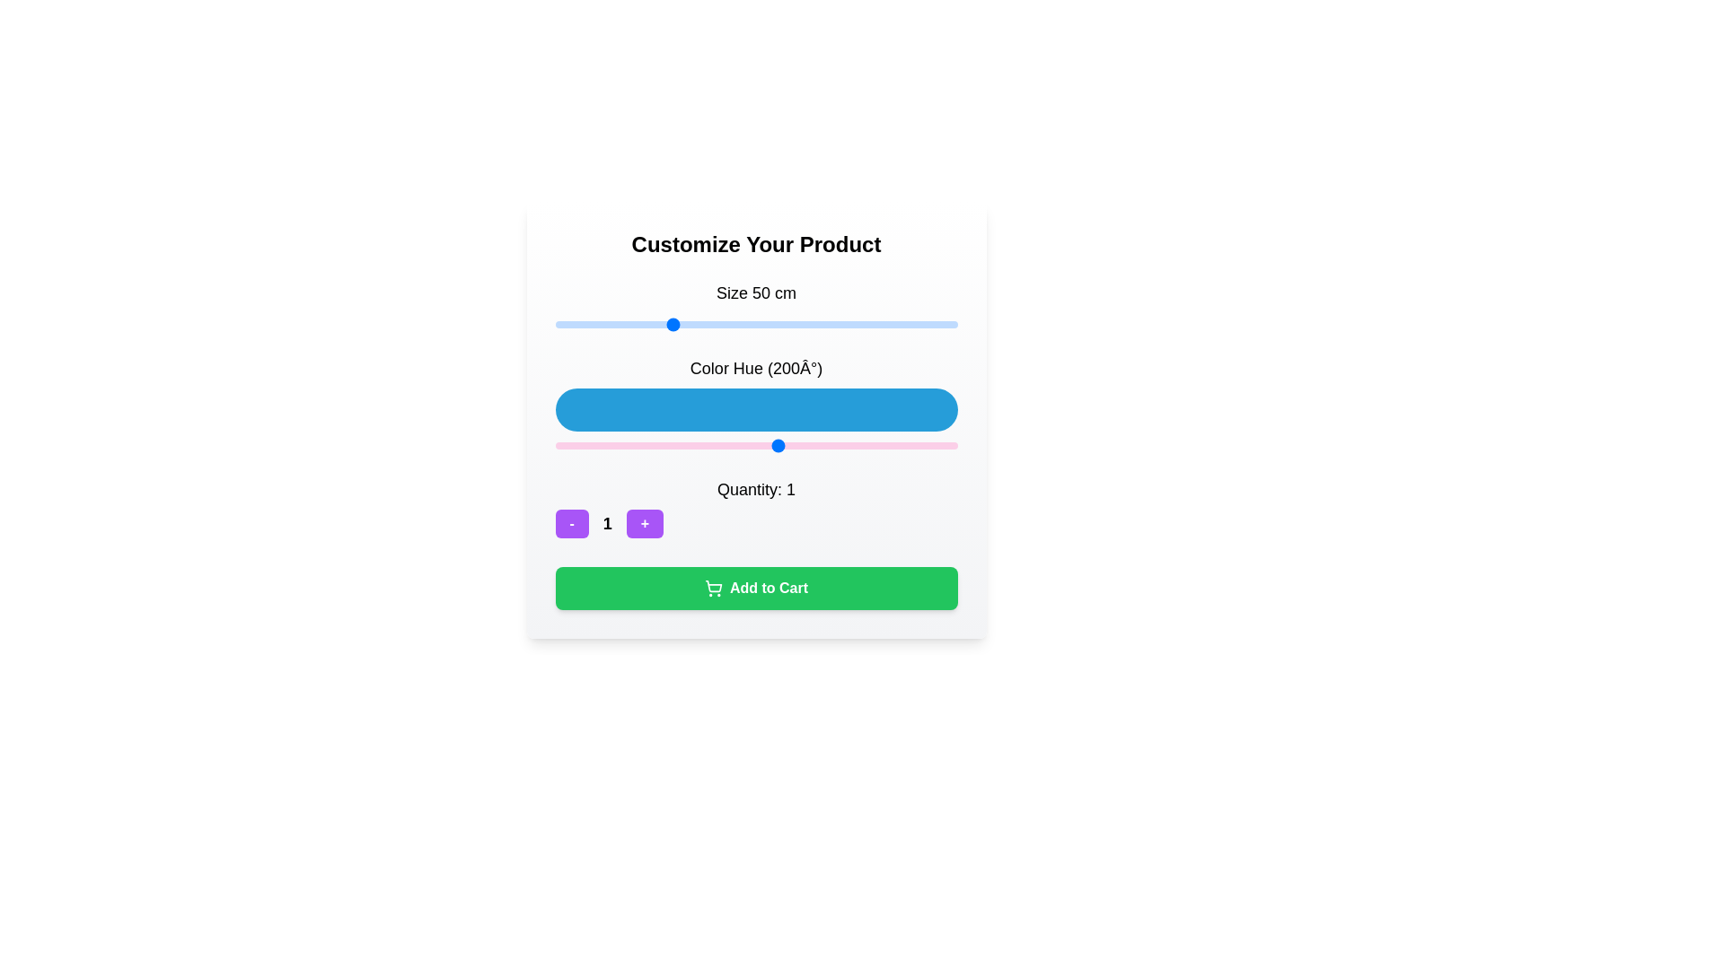 The image size is (1724, 969). Describe the element at coordinates (769, 588) in the screenshot. I see `the text within the green action button located below the quantity selector` at that location.